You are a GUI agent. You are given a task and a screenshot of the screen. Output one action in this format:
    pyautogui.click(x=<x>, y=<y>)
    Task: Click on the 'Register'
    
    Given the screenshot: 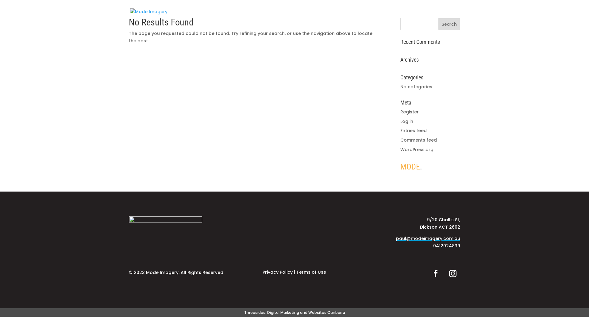 What is the action you would take?
    pyautogui.click(x=409, y=112)
    